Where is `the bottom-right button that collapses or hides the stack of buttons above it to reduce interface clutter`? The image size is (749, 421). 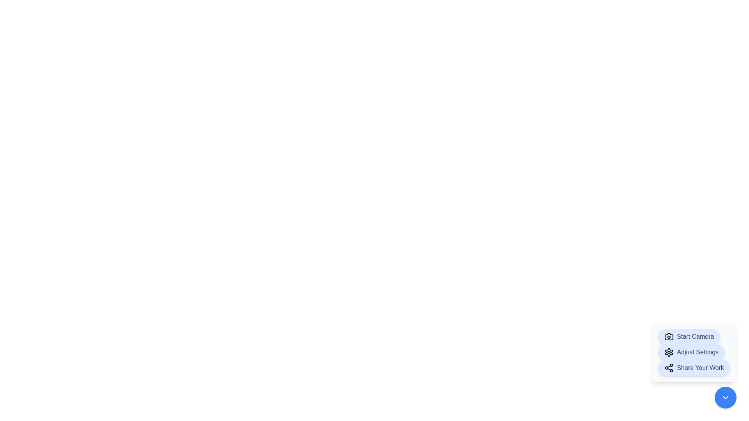
the bottom-right button that collapses or hides the stack of buttons above it to reduce interface clutter is located at coordinates (725, 397).